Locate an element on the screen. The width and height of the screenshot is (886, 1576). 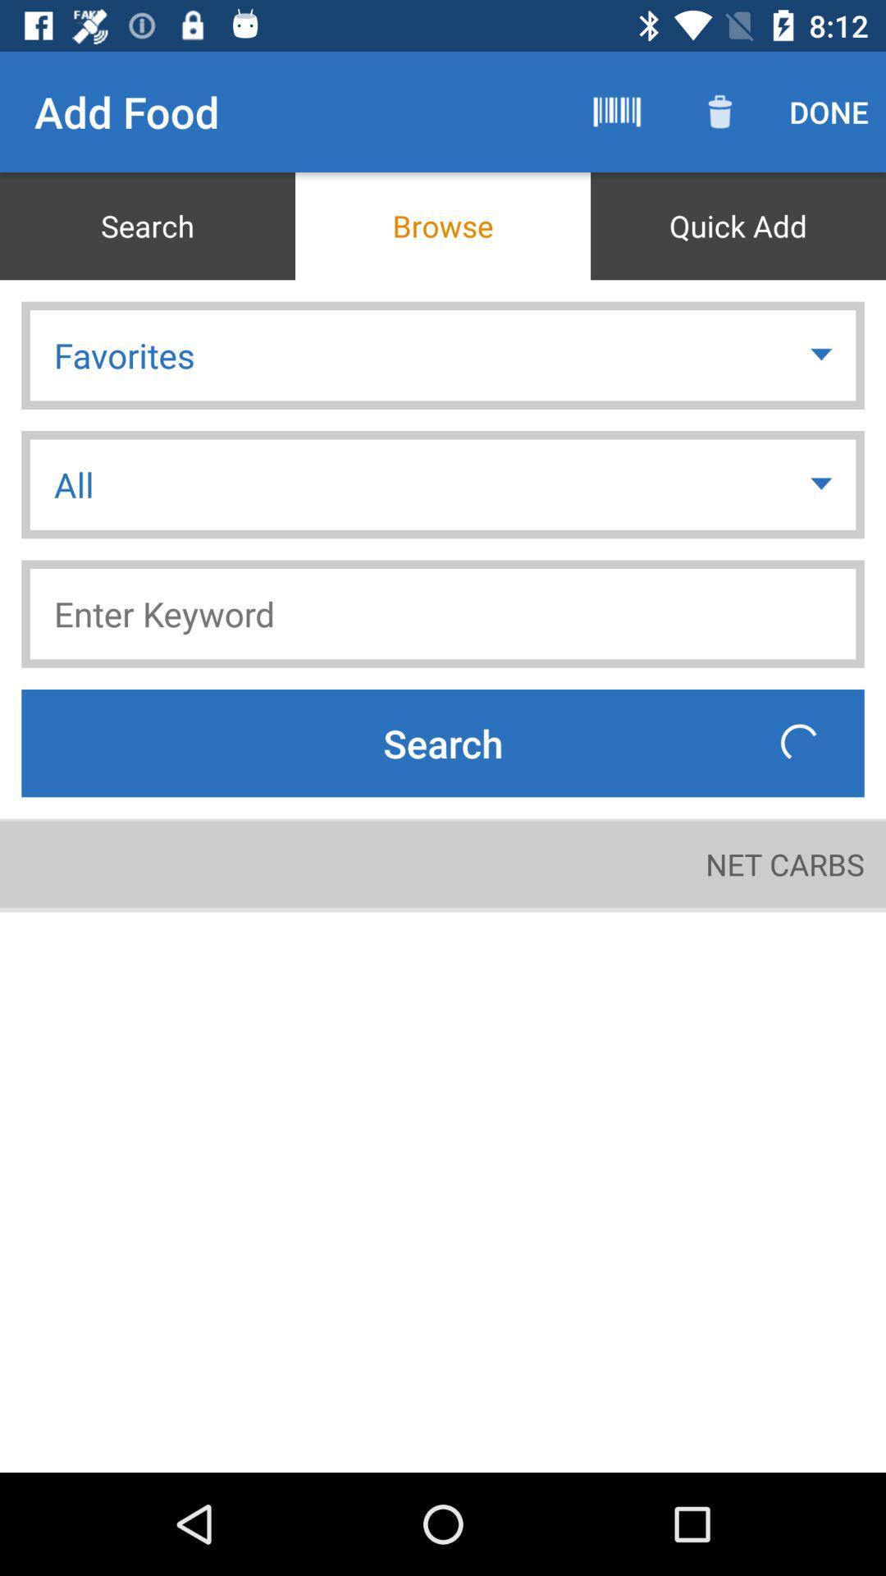
the item to the left of the done is located at coordinates (719, 111).